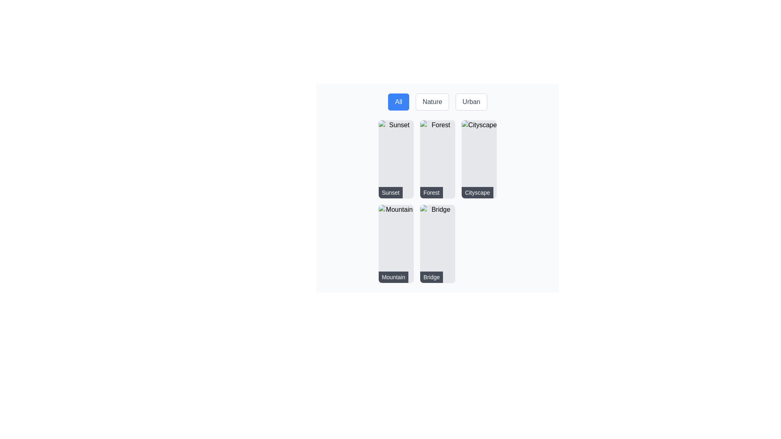 The image size is (781, 439). I want to click on the 'Urban' button, which is a rectangular button with rounded corners, so click(471, 101).